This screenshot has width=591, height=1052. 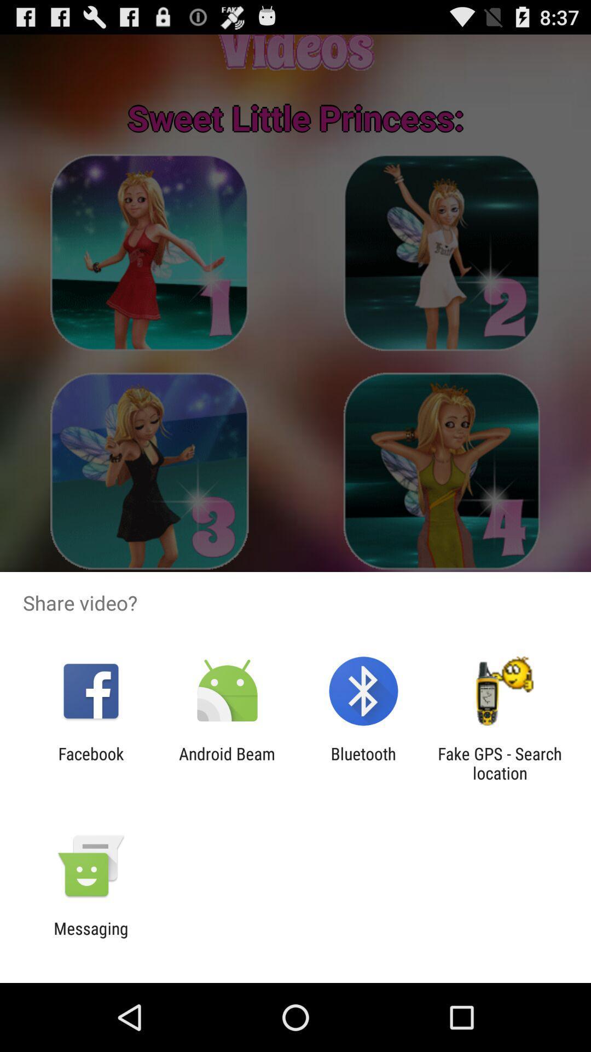 What do you see at coordinates (227, 763) in the screenshot?
I see `item next to bluetooth app` at bounding box center [227, 763].